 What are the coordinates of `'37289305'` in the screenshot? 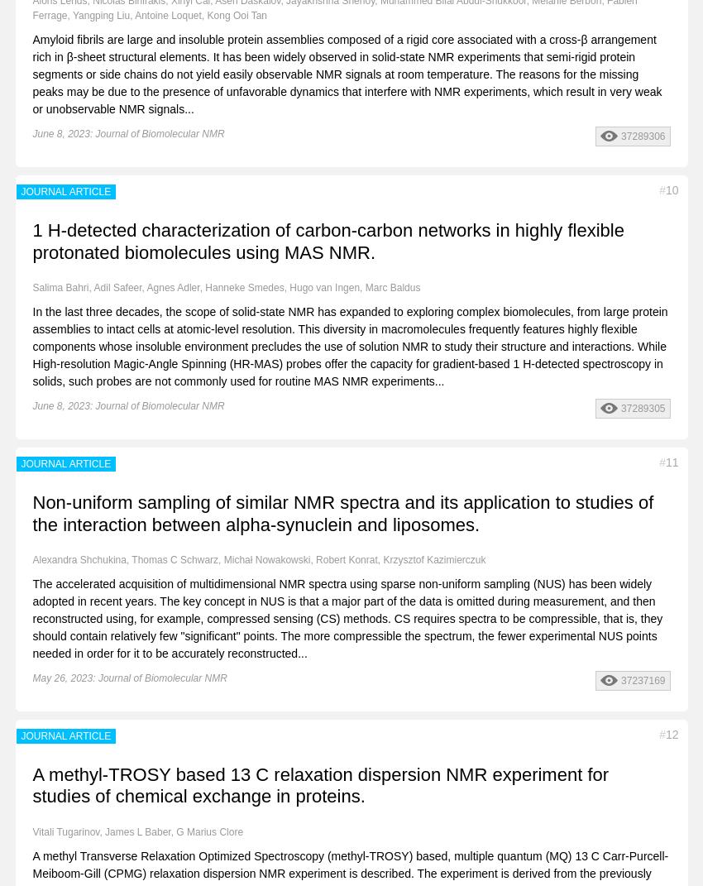 It's located at (642, 408).